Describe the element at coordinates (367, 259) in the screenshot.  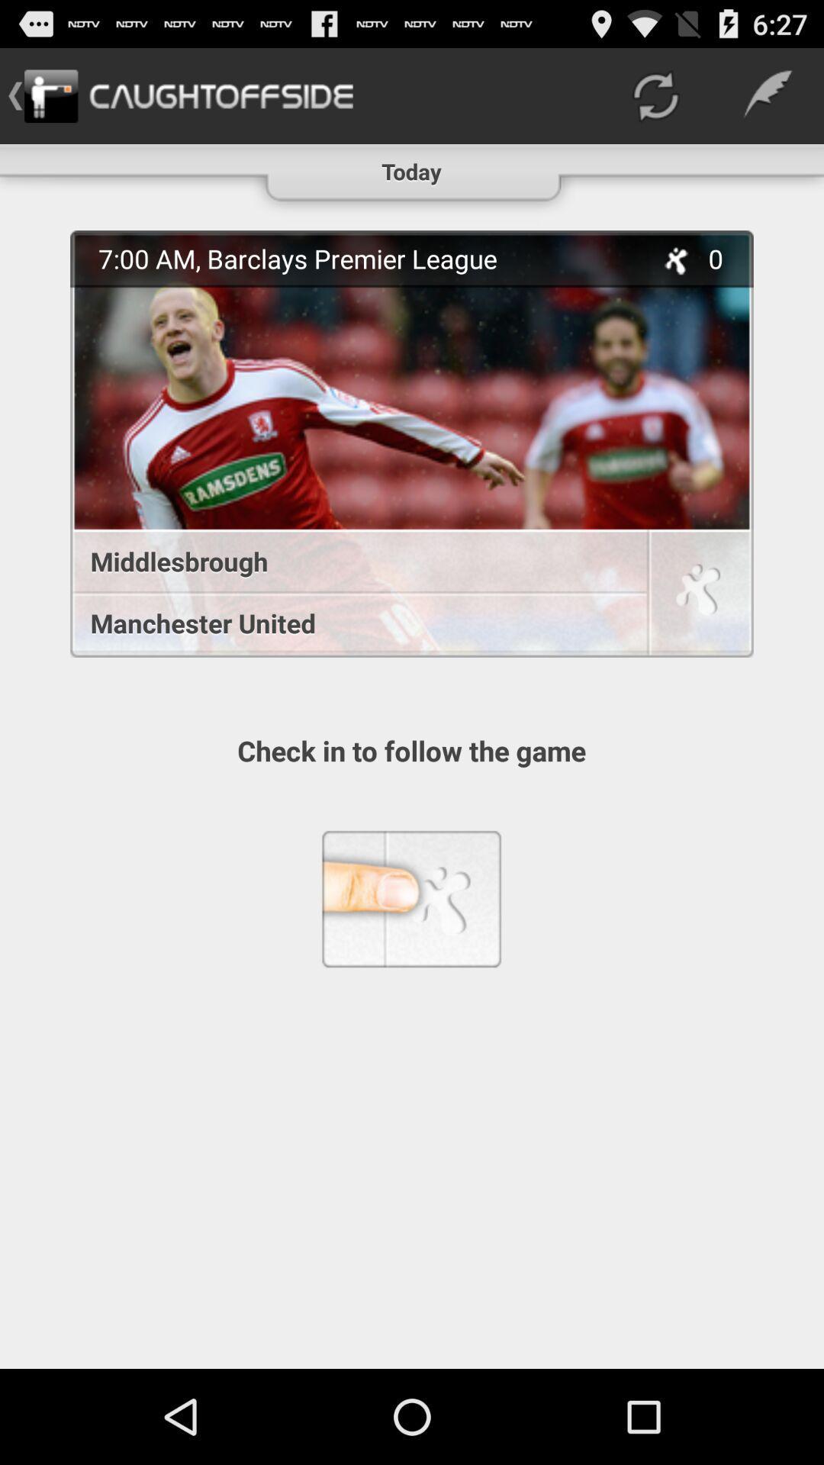
I see `the 7 00 am item` at that location.